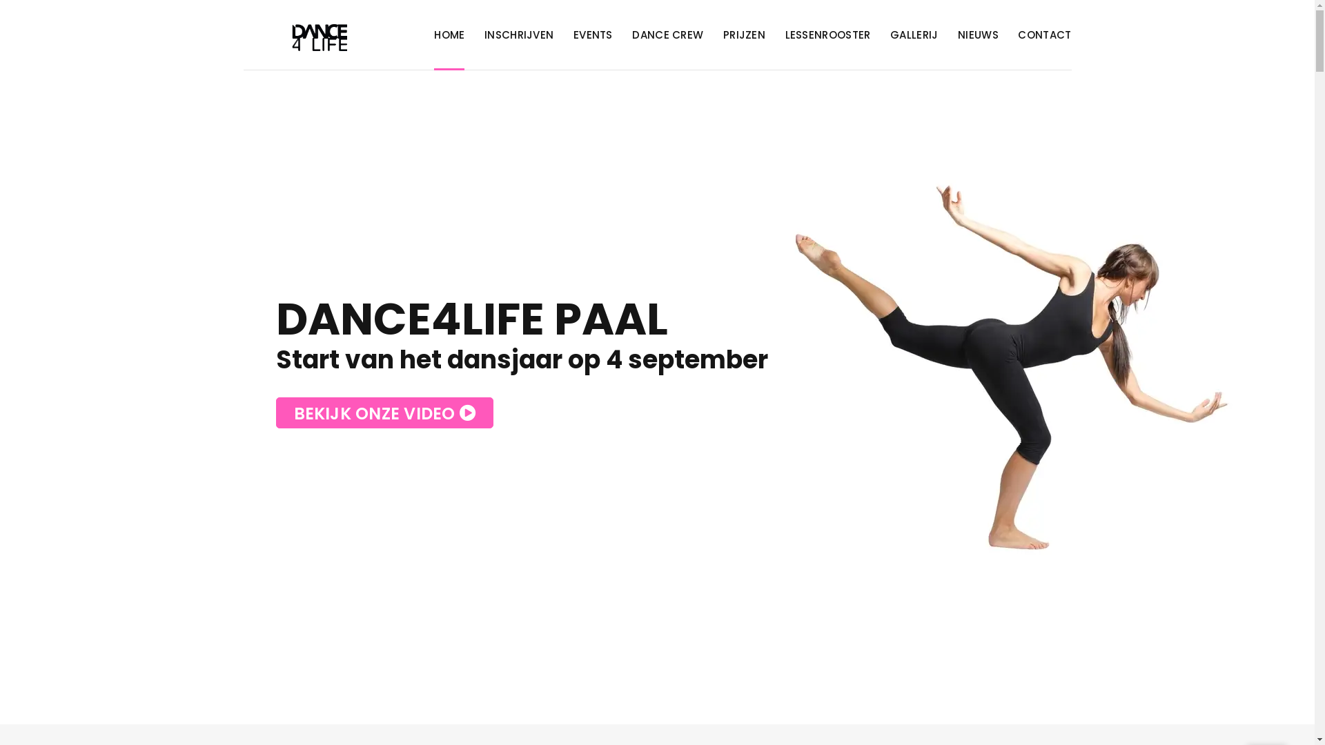 Image resolution: width=1325 pixels, height=745 pixels. I want to click on 'GALLERIJ', so click(914, 34).